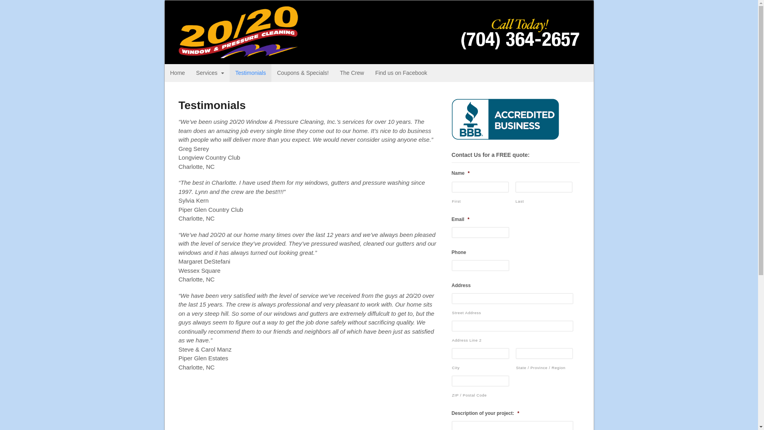 The height and width of the screenshot is (430, 764). I want to click on 'Testimonials', so click(250, 73).